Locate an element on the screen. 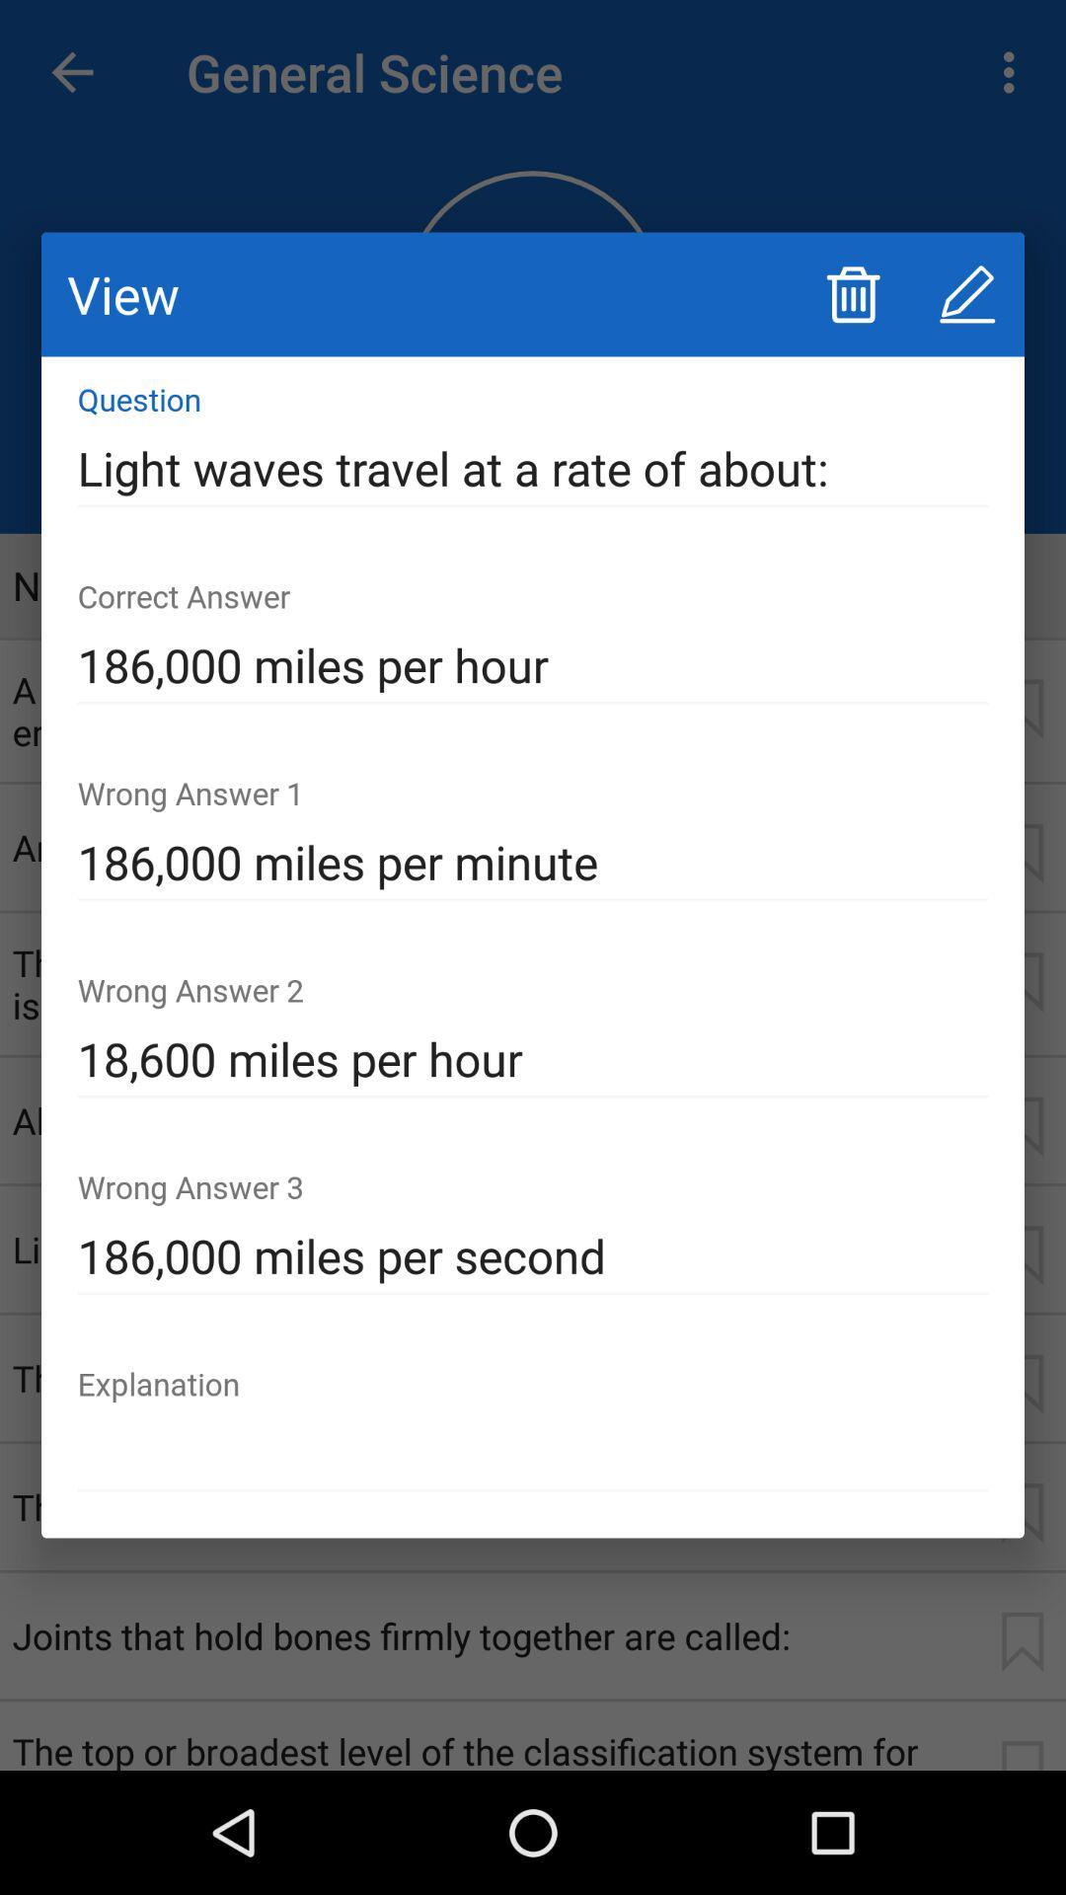  icon above light waves travel icon is located at coordinates (966, 293).